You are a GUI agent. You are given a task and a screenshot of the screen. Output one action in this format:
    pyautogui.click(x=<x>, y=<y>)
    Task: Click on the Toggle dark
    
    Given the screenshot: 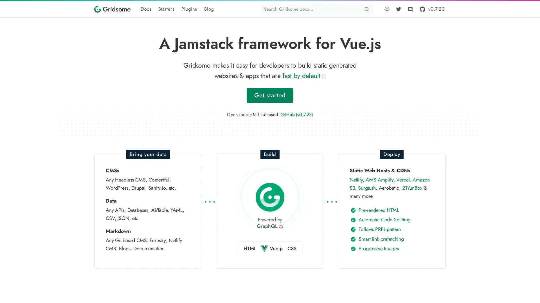 What is the action you would take?
    pyautogui.click(x=386, y=9)
    